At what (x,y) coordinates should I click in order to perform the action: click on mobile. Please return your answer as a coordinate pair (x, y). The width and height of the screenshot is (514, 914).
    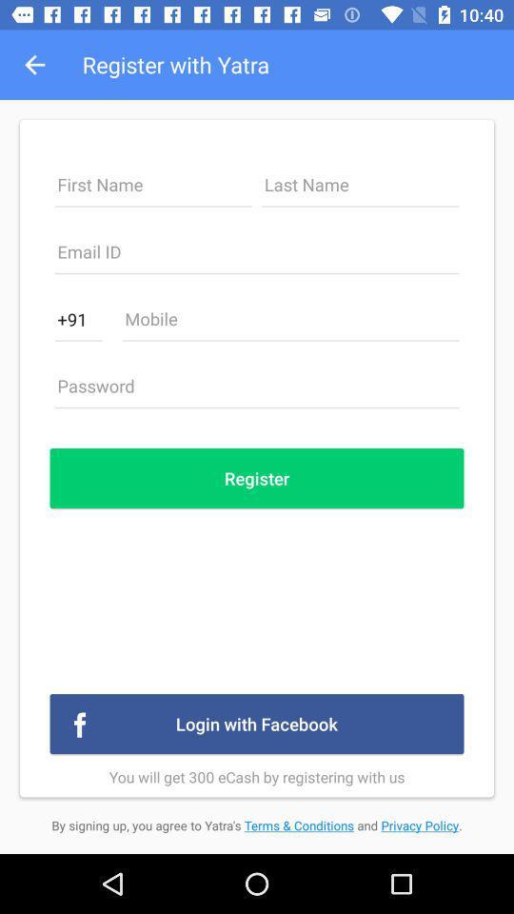
    Looking at the image, I should click on (290, 324).